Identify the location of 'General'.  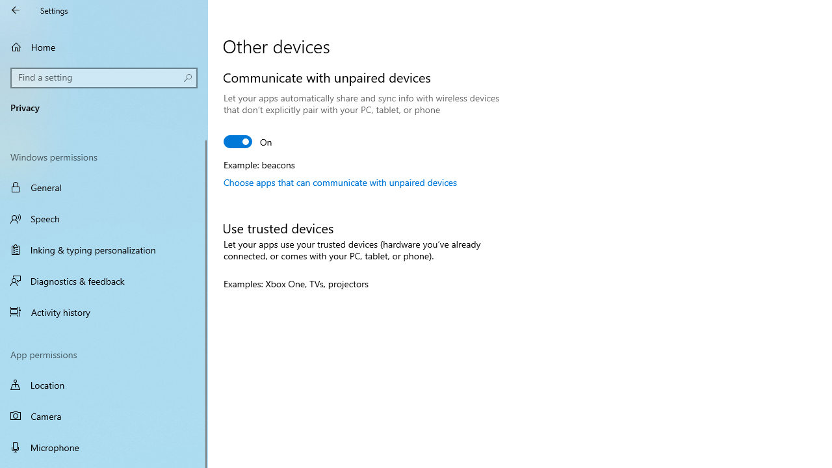
(104, 187).